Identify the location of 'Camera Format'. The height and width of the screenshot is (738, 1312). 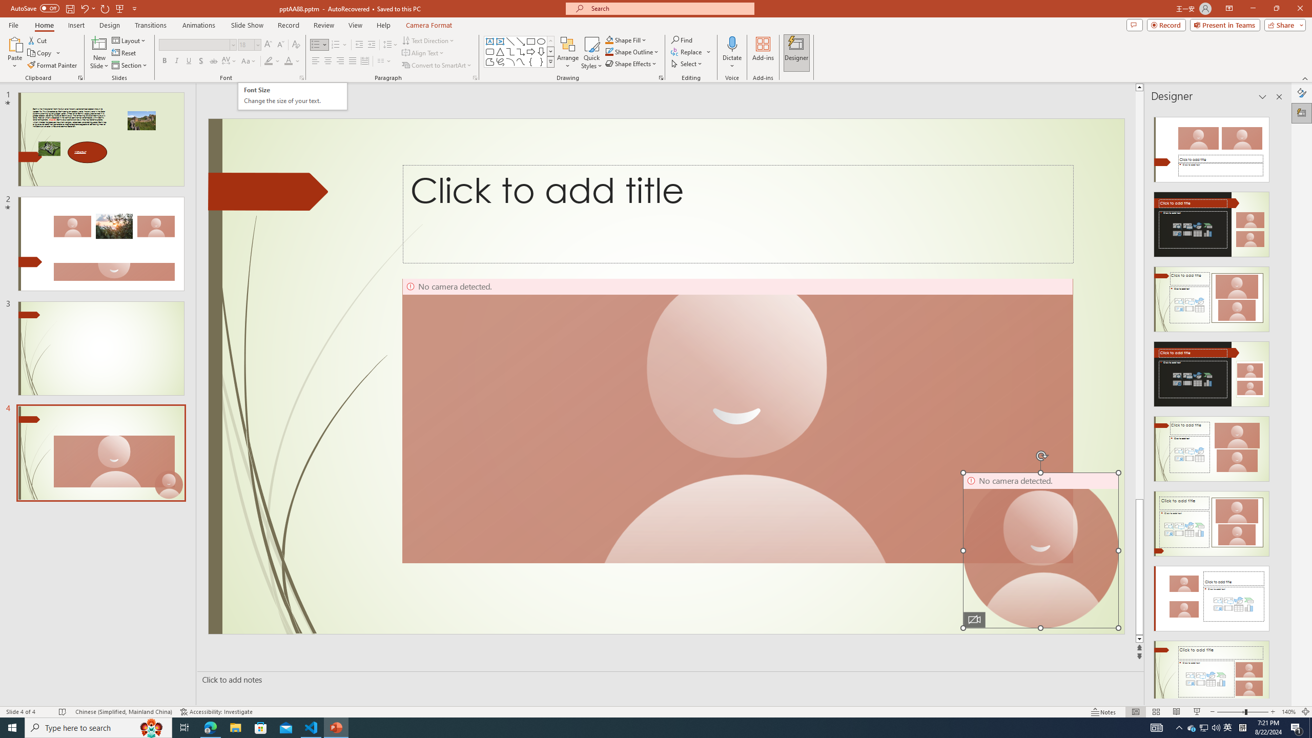
(428, 25).